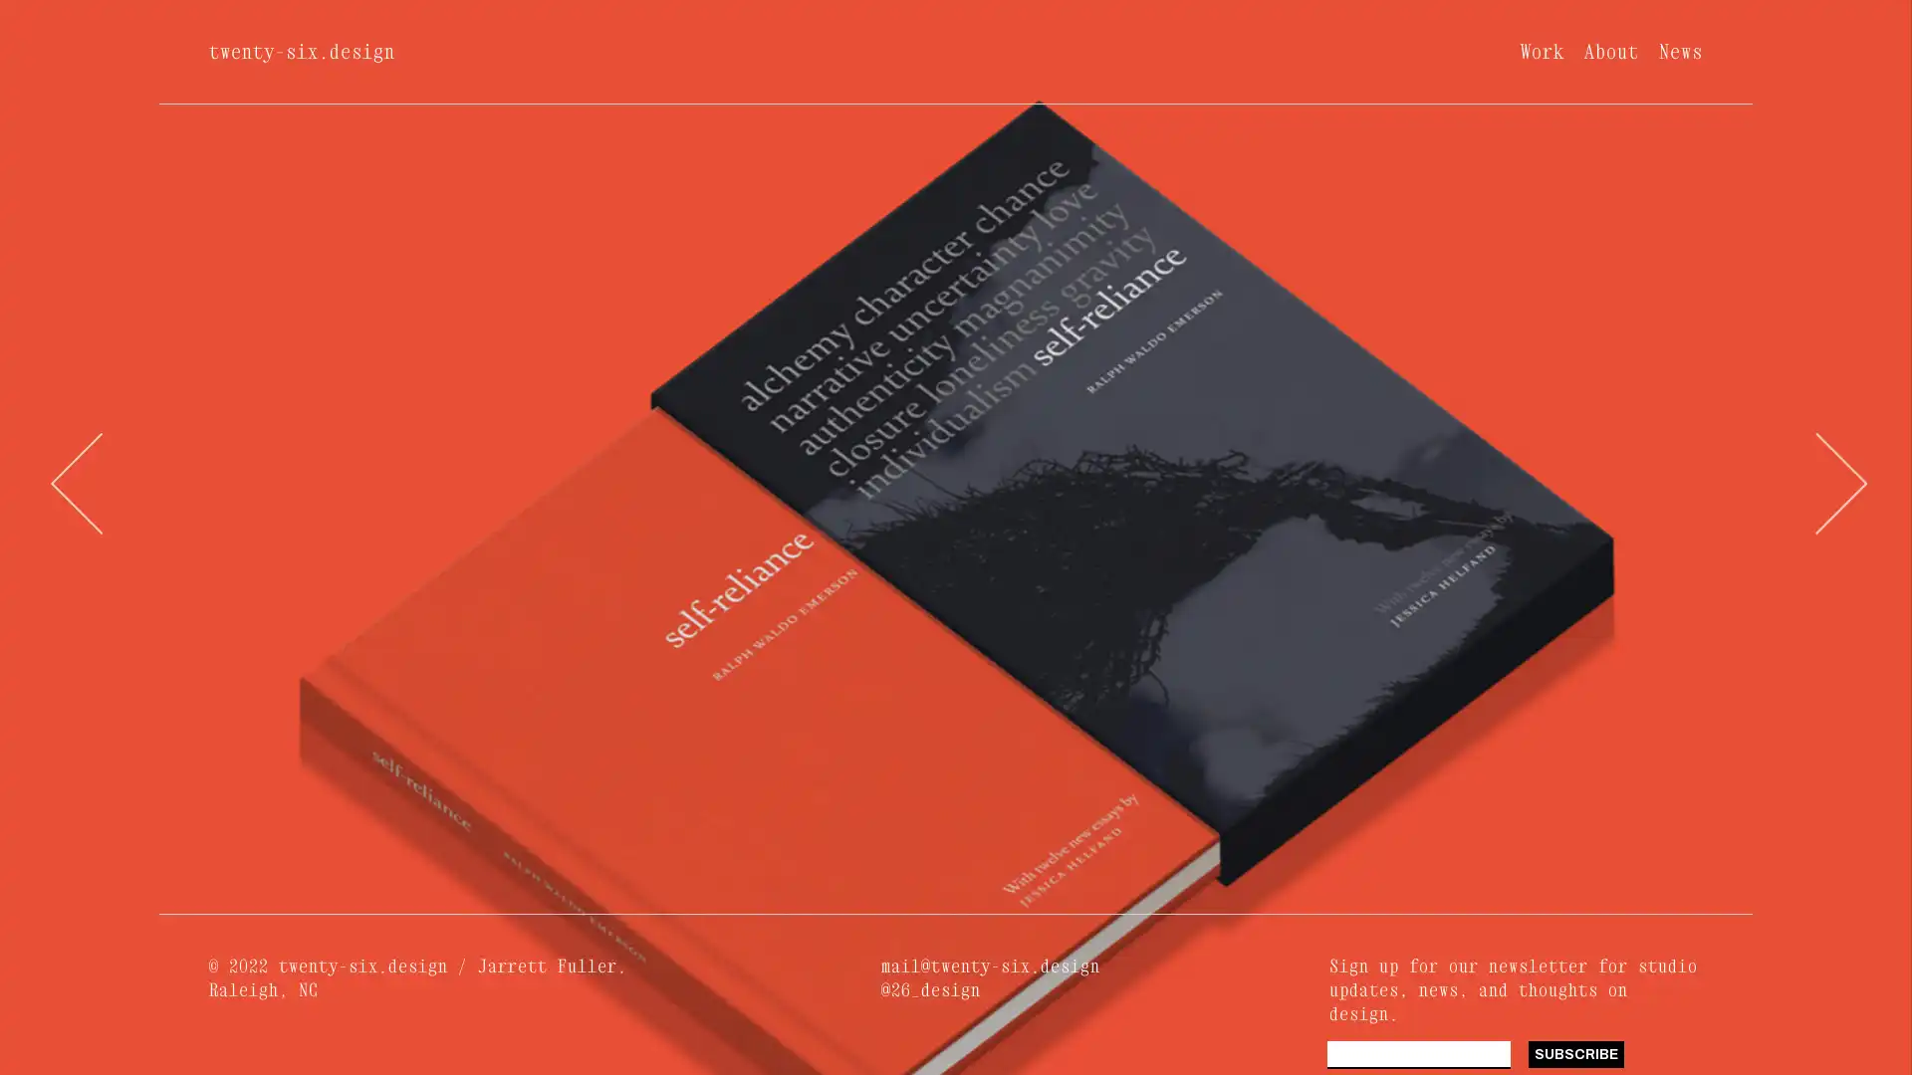 The width and height of the screenshot is (1912, 1075). I want to click on Subscribe, so click(1574, 1053).